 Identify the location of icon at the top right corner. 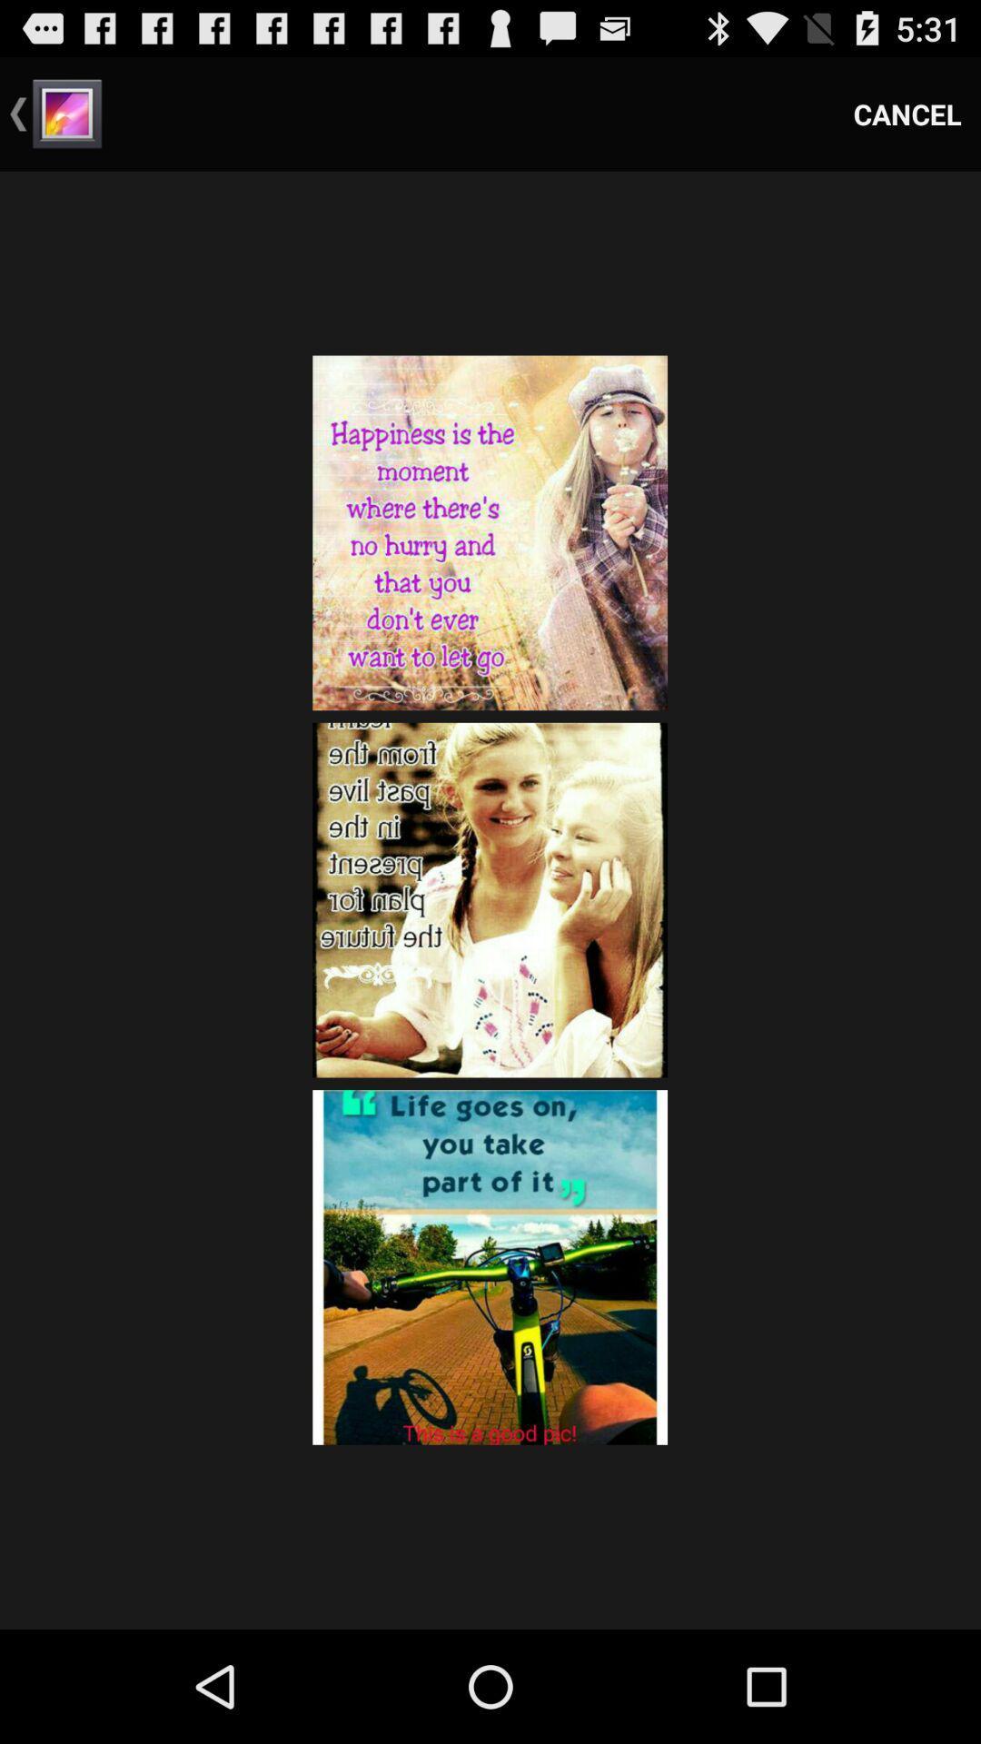
(907, 113).